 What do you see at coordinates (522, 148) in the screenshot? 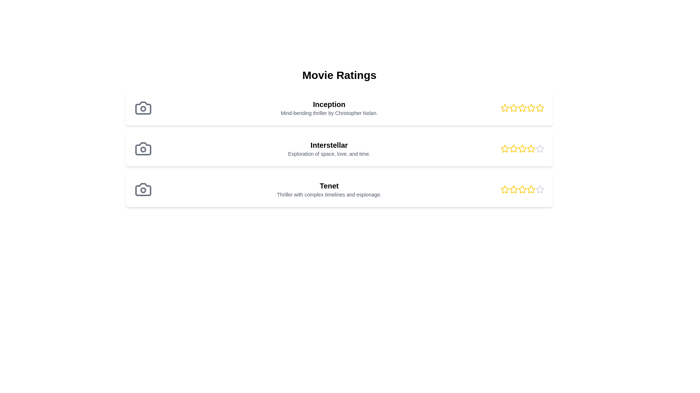
I see `the third star in the star-rating system` at bounding box center [522, 148].